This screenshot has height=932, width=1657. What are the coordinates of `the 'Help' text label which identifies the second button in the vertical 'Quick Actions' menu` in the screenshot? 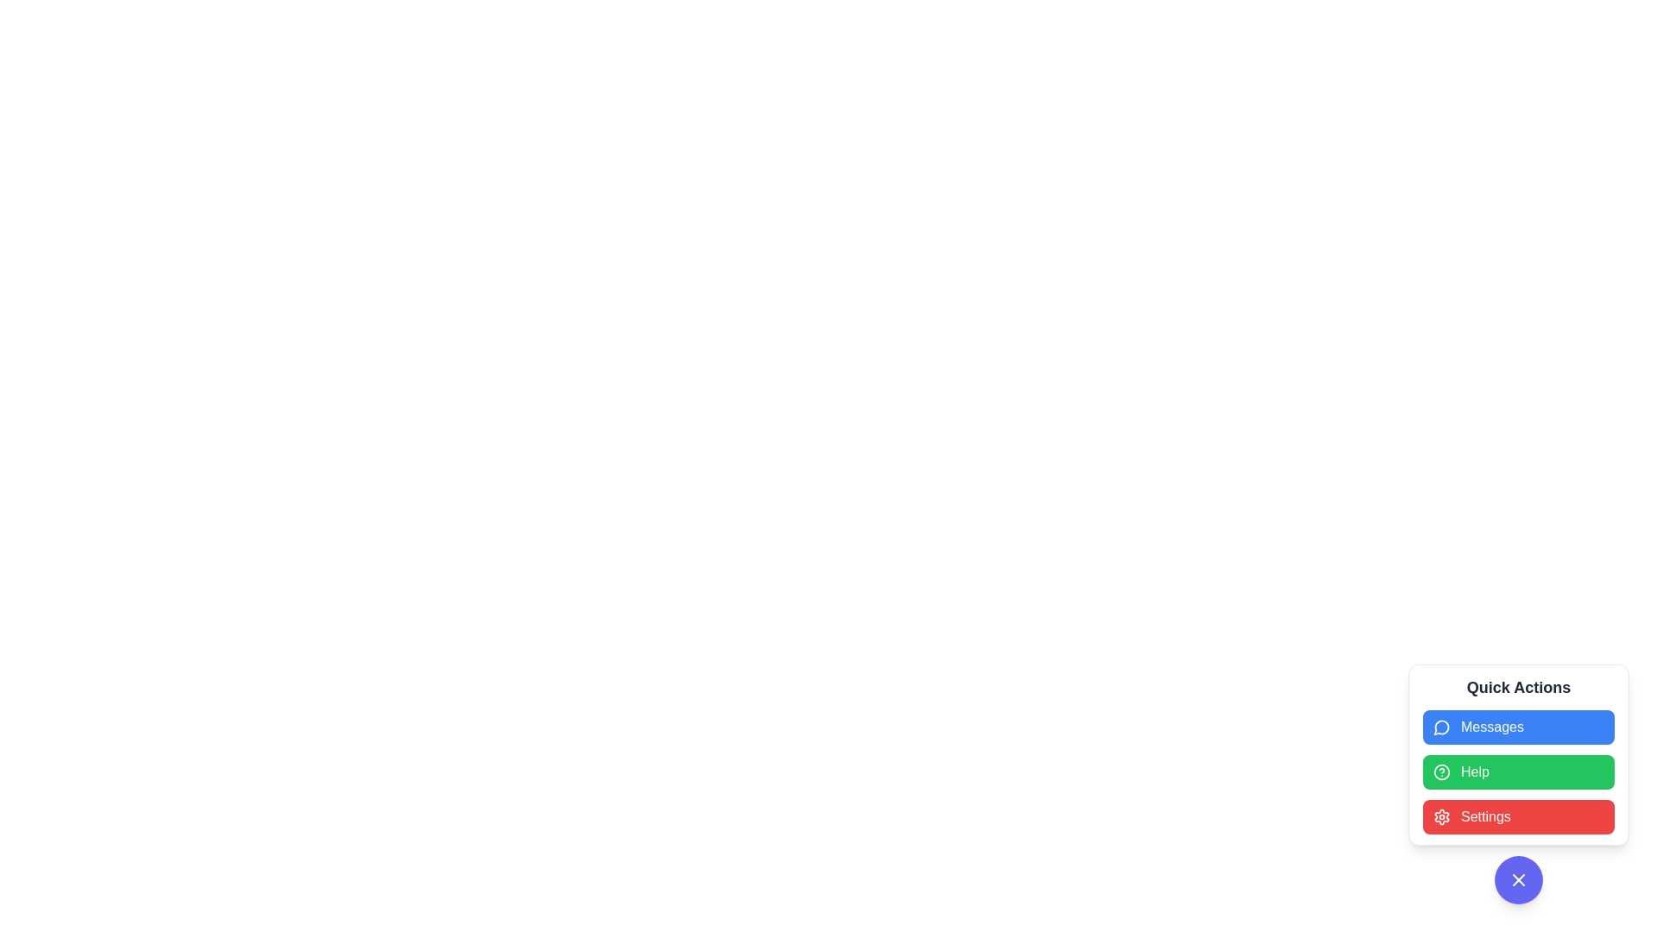 It's located at (1474, 771).